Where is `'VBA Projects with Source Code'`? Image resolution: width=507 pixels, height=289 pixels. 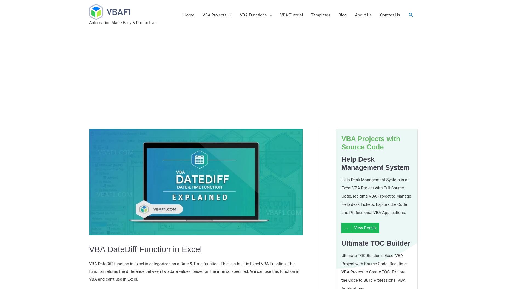 'VBA Projects with Source Code' is located at coordinates (371, 142).